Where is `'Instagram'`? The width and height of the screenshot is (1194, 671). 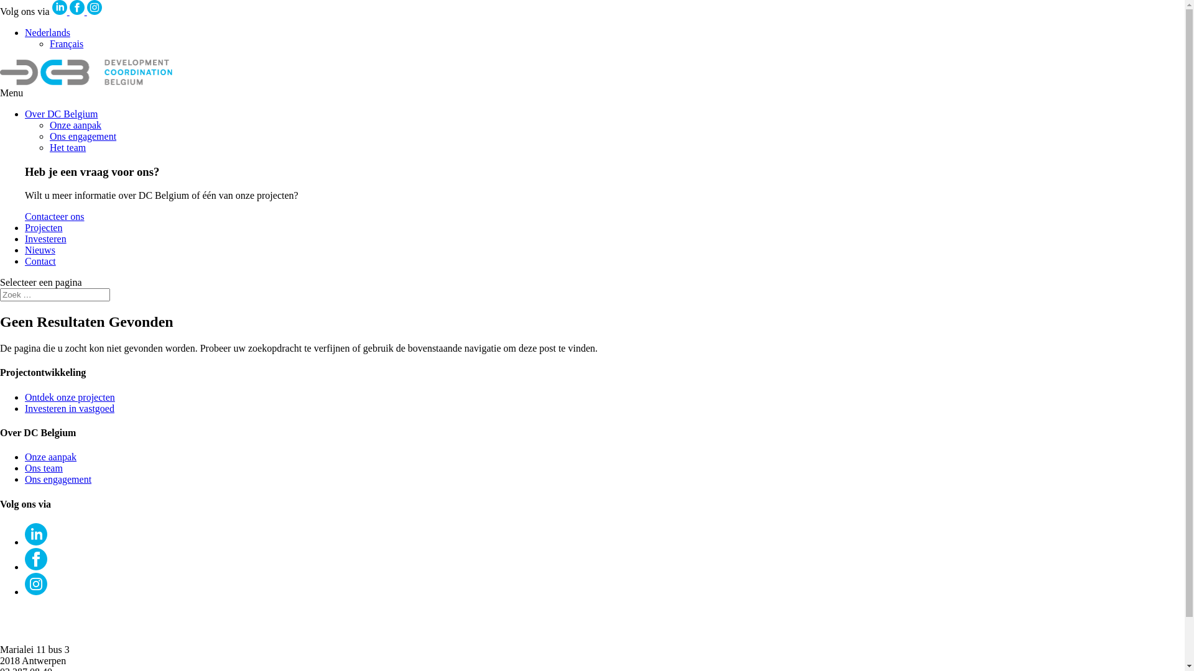
'Instagram' is located at coordinates (94, 7).